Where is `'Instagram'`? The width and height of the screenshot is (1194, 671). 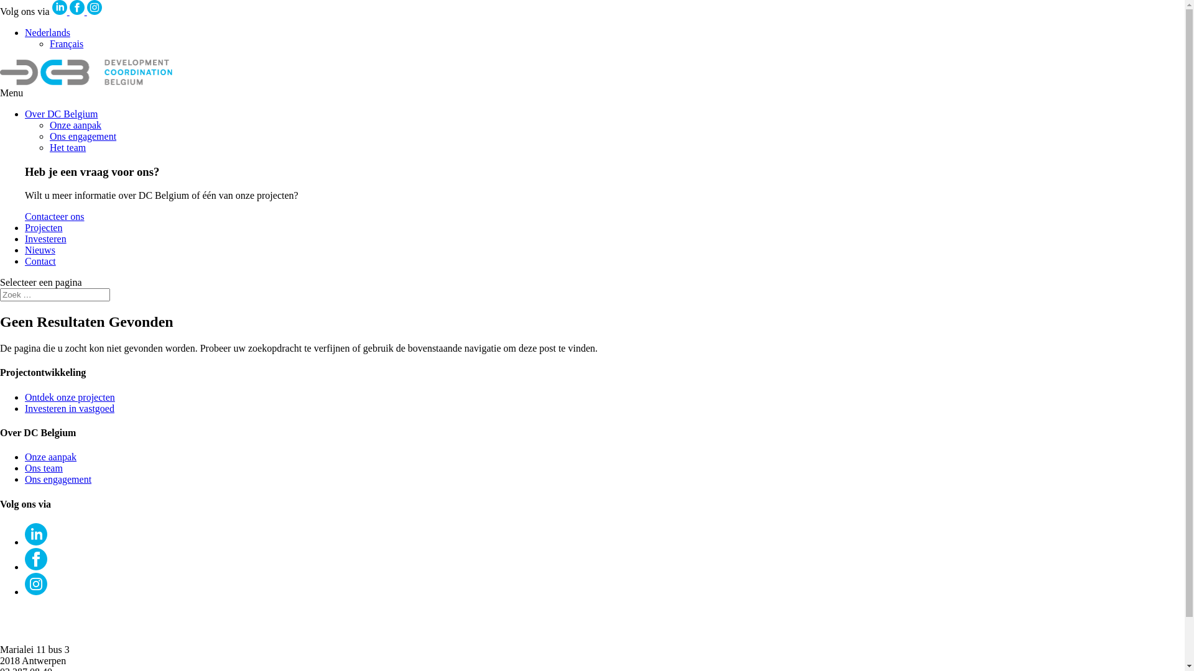
'Instagram' is located at coordinates (94, 7).